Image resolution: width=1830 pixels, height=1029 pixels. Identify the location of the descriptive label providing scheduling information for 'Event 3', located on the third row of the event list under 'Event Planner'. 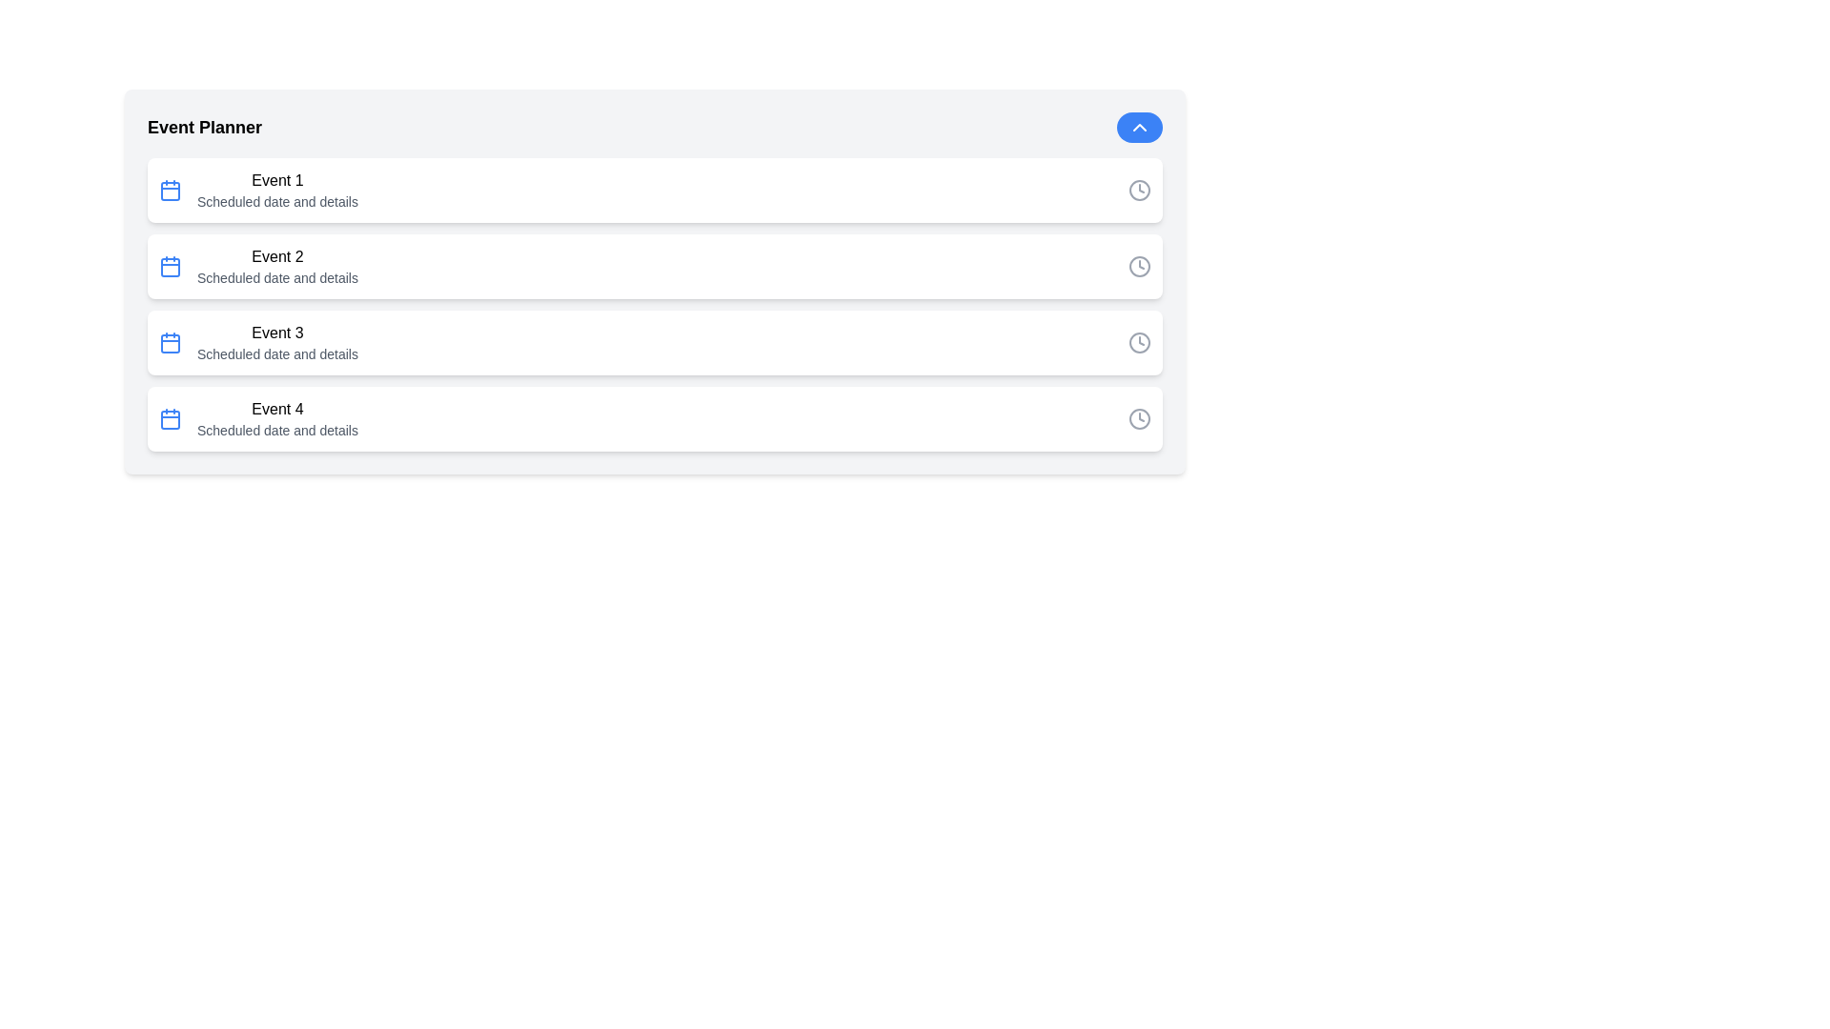
(276, 353).